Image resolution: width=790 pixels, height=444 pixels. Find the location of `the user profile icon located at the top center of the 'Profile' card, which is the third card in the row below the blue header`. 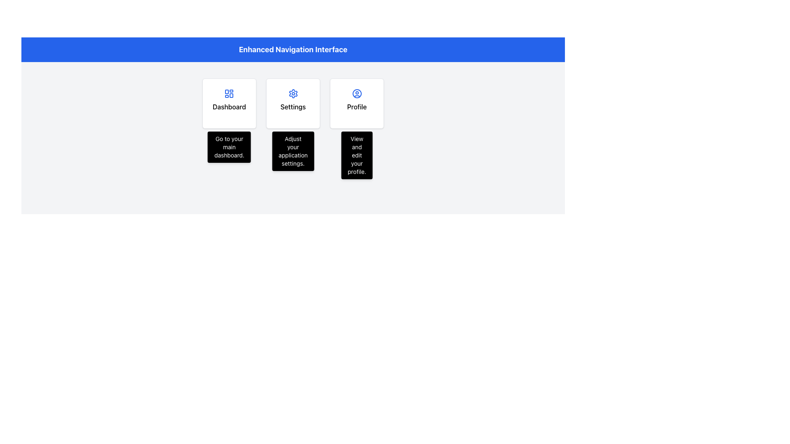

the user profile icon located at the top center of the 'Profile' card, which is the third card in the row below the blue header is located at coordinates (357, 93).